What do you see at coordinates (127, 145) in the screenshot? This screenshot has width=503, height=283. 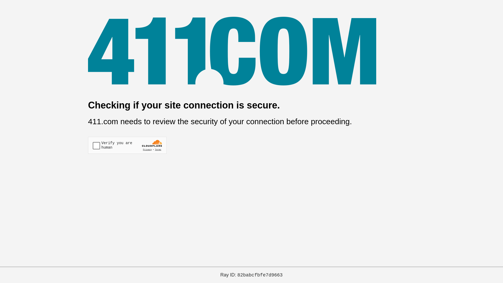 I see `'Widget containing a Cloudflare security challenge'` at bounding box center [127, 145].